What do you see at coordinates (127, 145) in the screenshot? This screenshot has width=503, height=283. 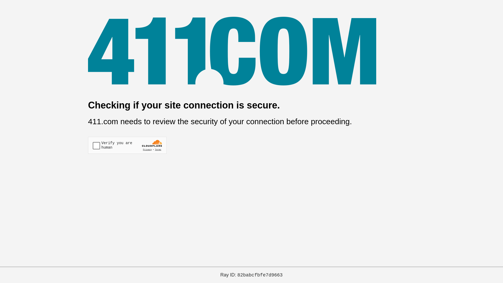 I see `'Widget containing a Cloudflare security challenge'` at bounding box center [127, 145].